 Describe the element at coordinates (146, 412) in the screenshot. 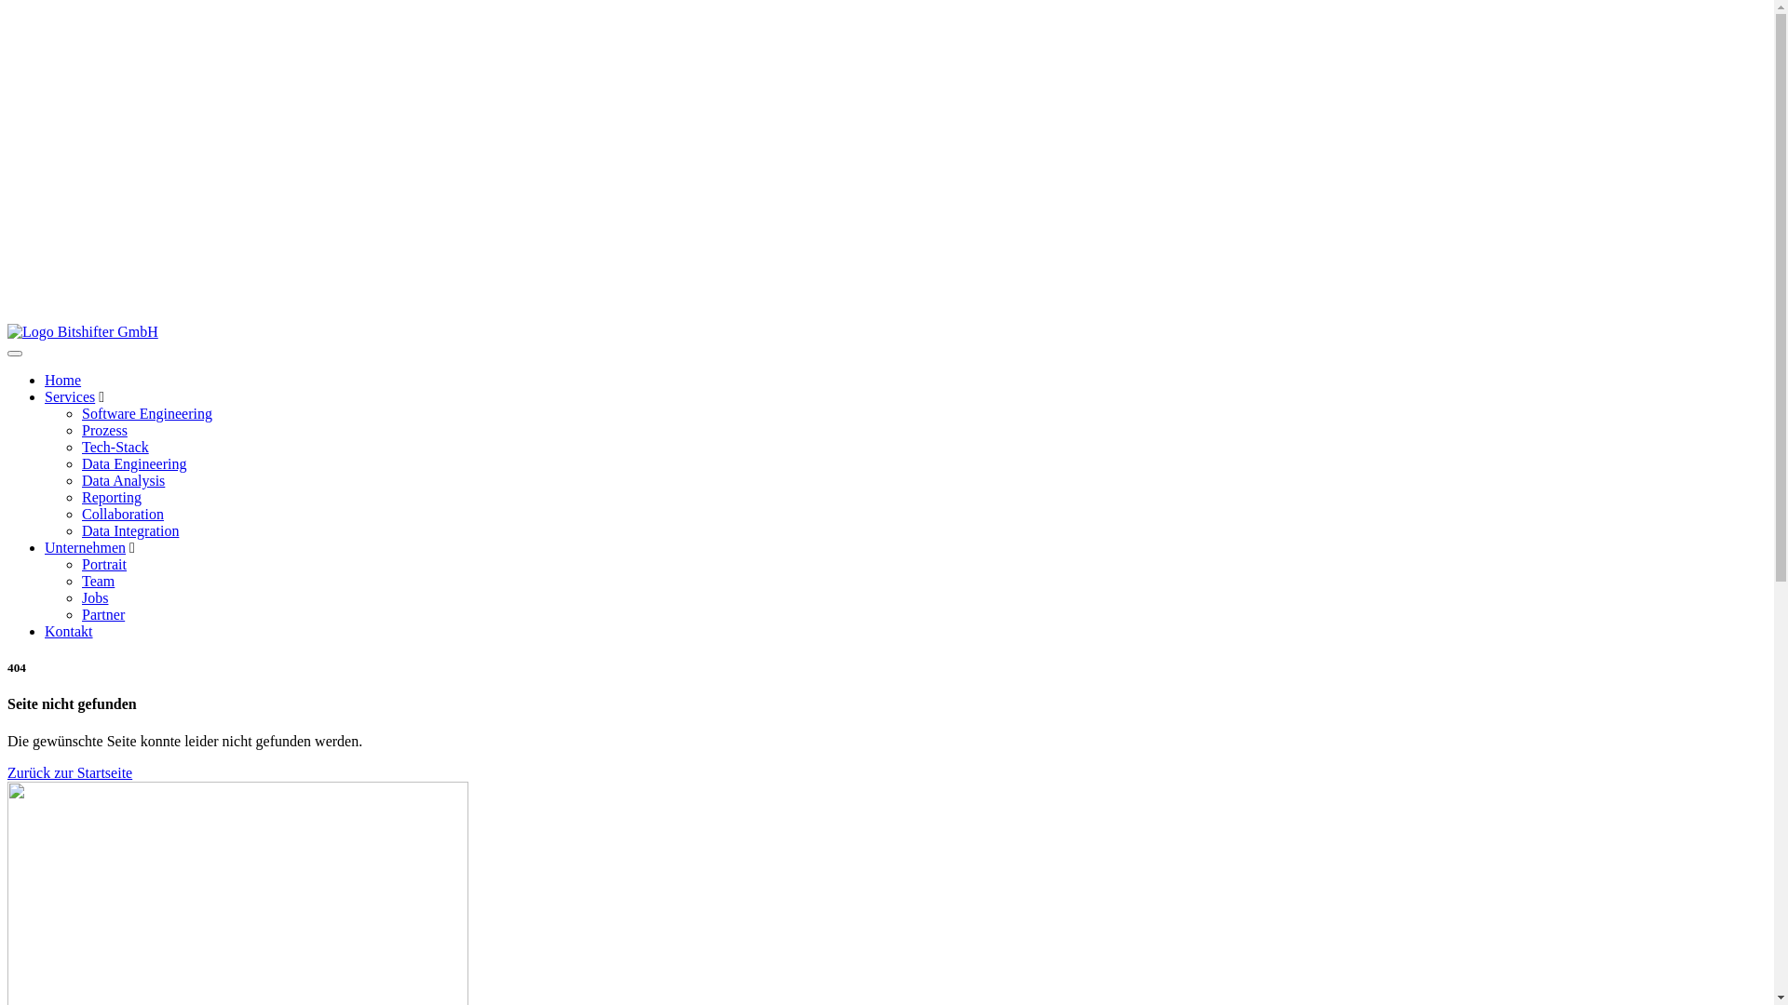

I see `'Software Engineering'` at that location.